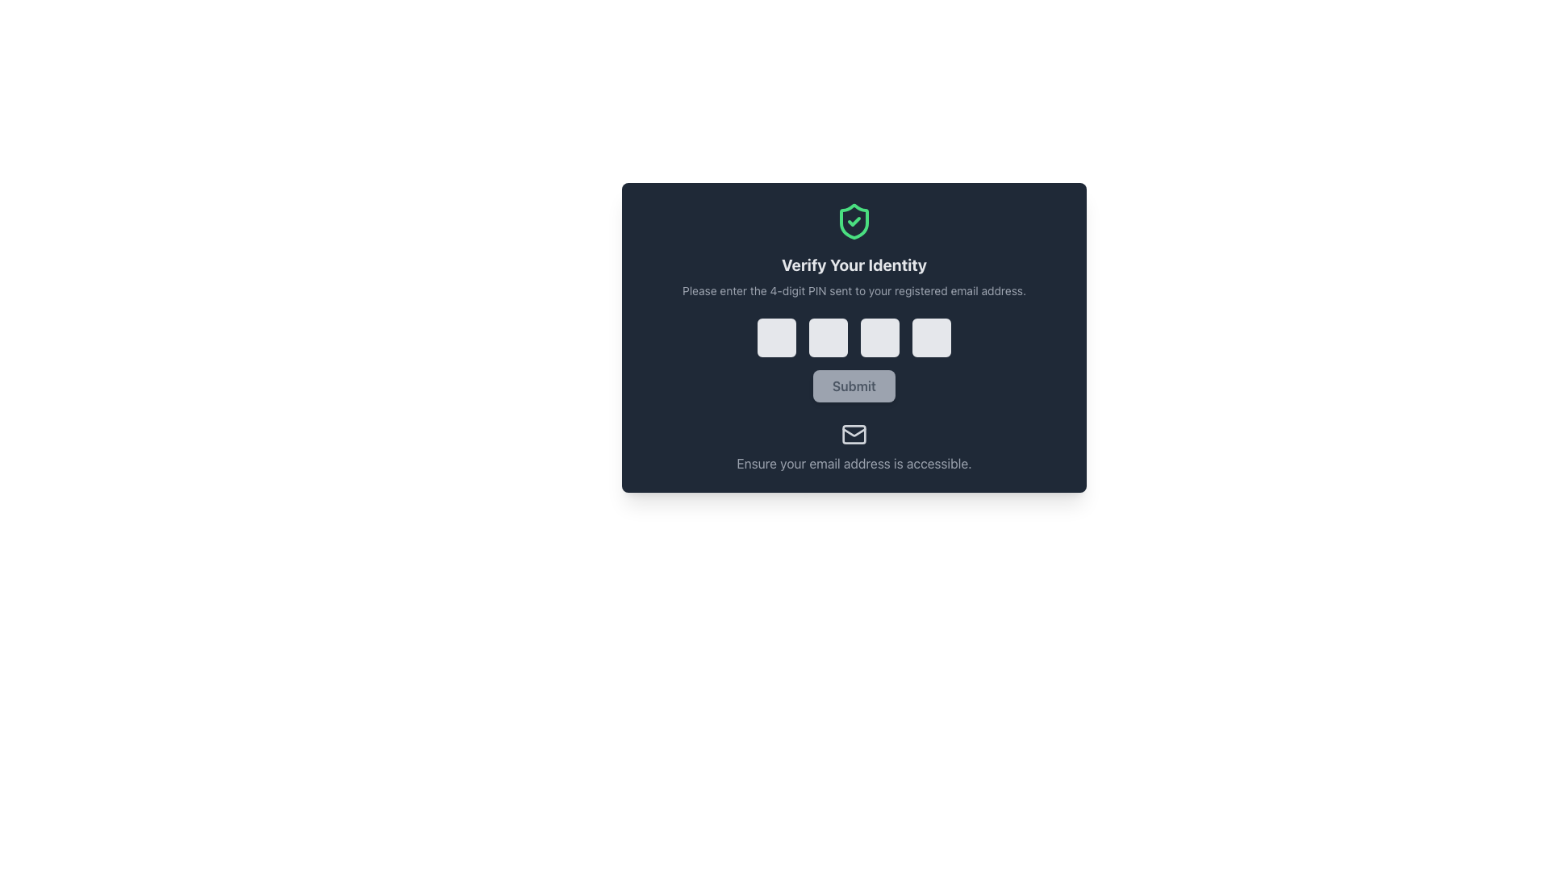 Image resolution: width=1549 pixels, height=871 pixels. What do you see at coordinates (879, 337) in the screenshot?
I see `the third number input field in the 4-digit PIN entry mechanism to focus on it` at bounding box center [879, 337].